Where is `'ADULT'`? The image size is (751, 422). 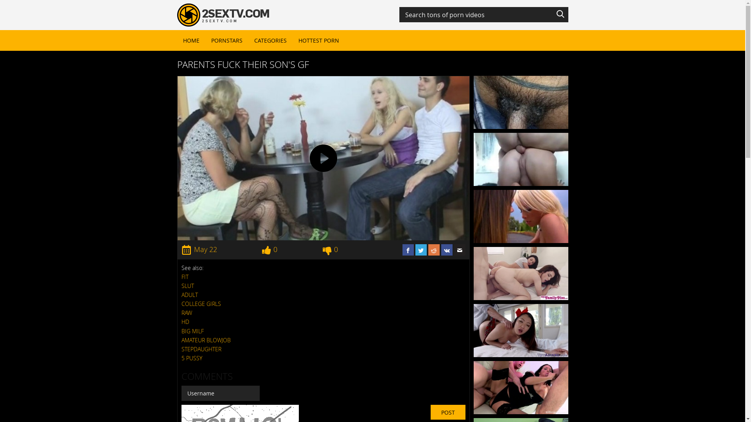
'ADULT' is located at coordinates (189, 295).